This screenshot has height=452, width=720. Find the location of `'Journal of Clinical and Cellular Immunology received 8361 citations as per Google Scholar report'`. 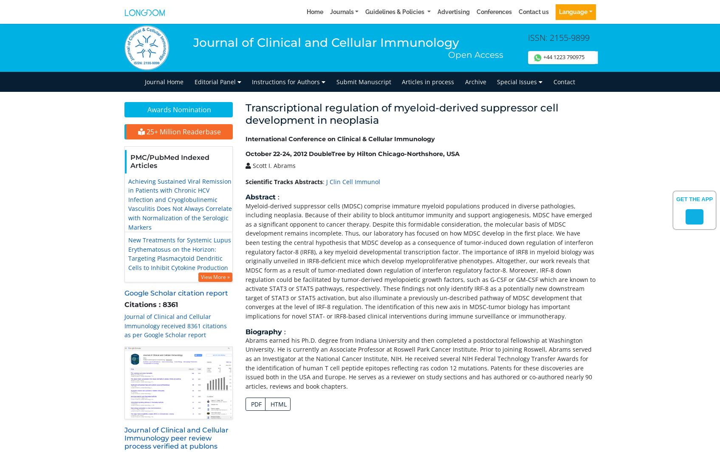

'Journal of Clinical and Cellular Immunology received 8361 citations as per Google Scholar report' is located at coordinates (175, 325).